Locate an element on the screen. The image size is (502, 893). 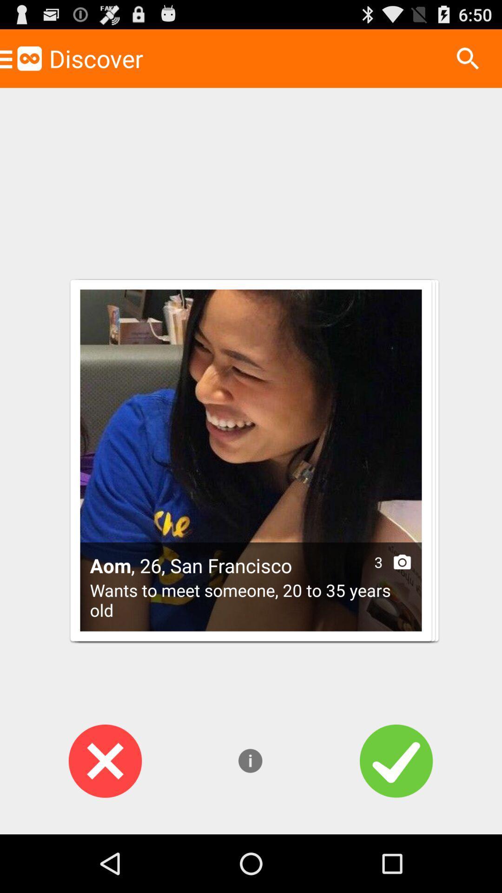
the info icon is located at coordinates (250, 814).